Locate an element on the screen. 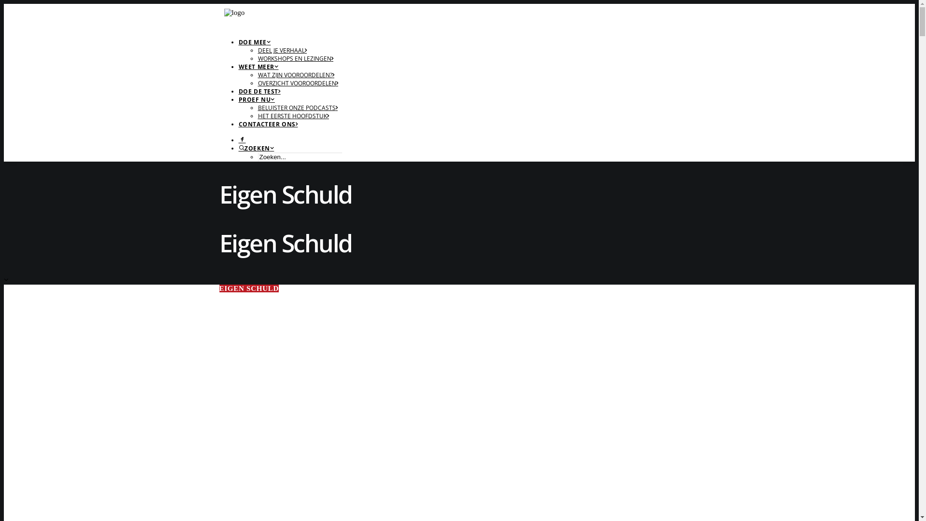 The image size is (926, 521). 'WAT ZIJN VOOROORDELEN?' is located at coordinates (295, 74).